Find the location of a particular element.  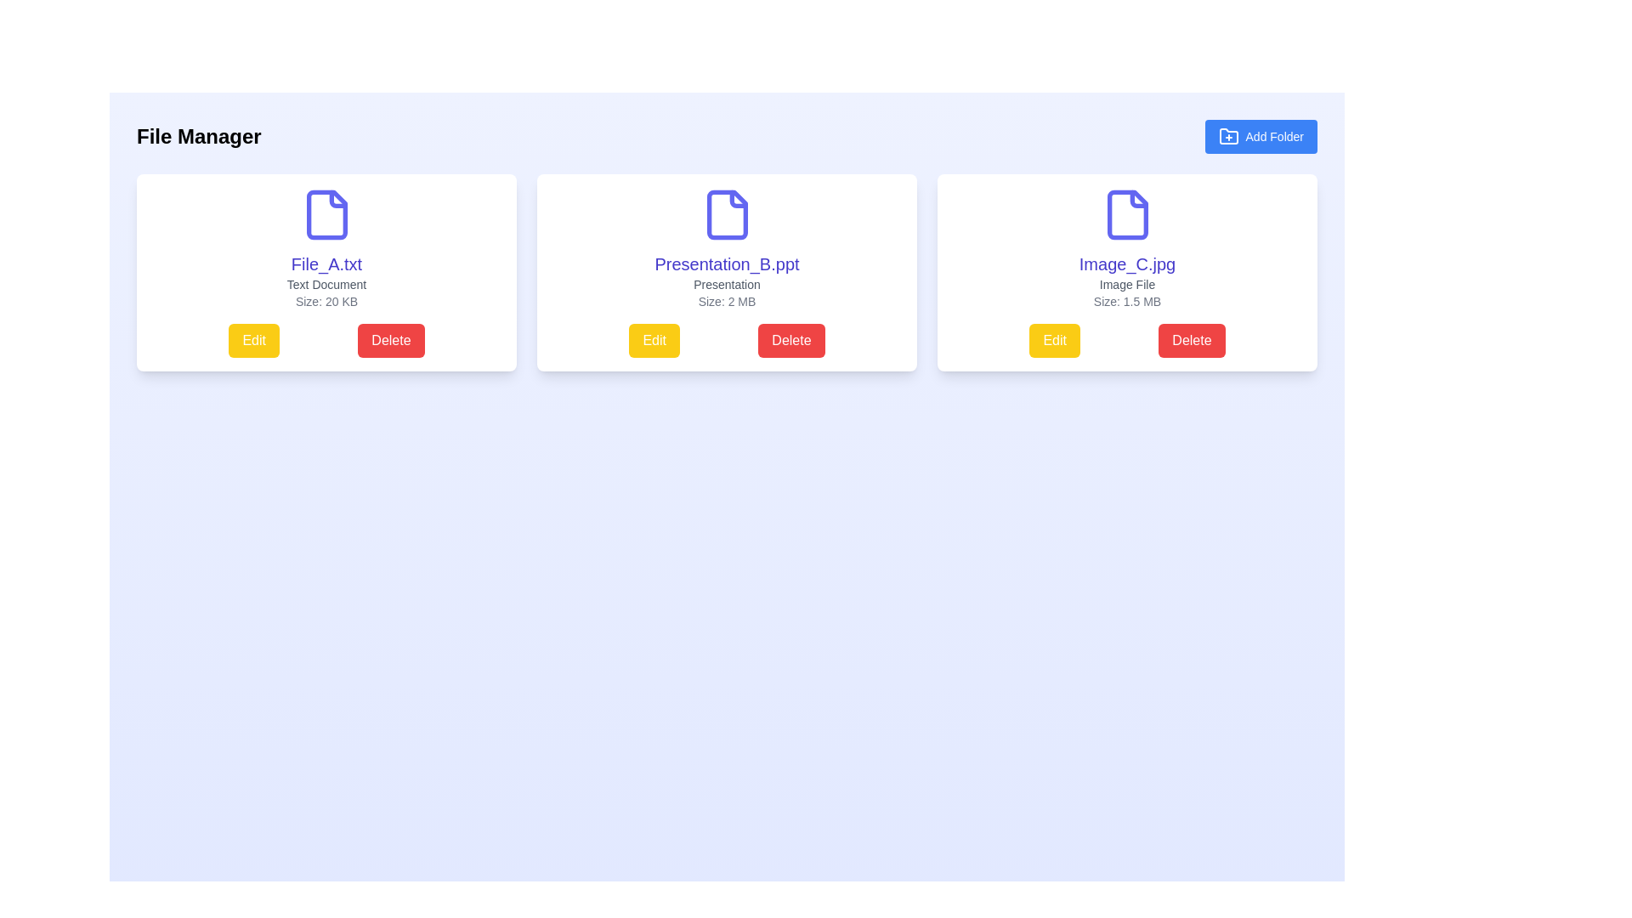

the red 'Delete' button with bold white text located below the 'Presentation_B.ppt' card in the second column is located at coordinates (790, 341).